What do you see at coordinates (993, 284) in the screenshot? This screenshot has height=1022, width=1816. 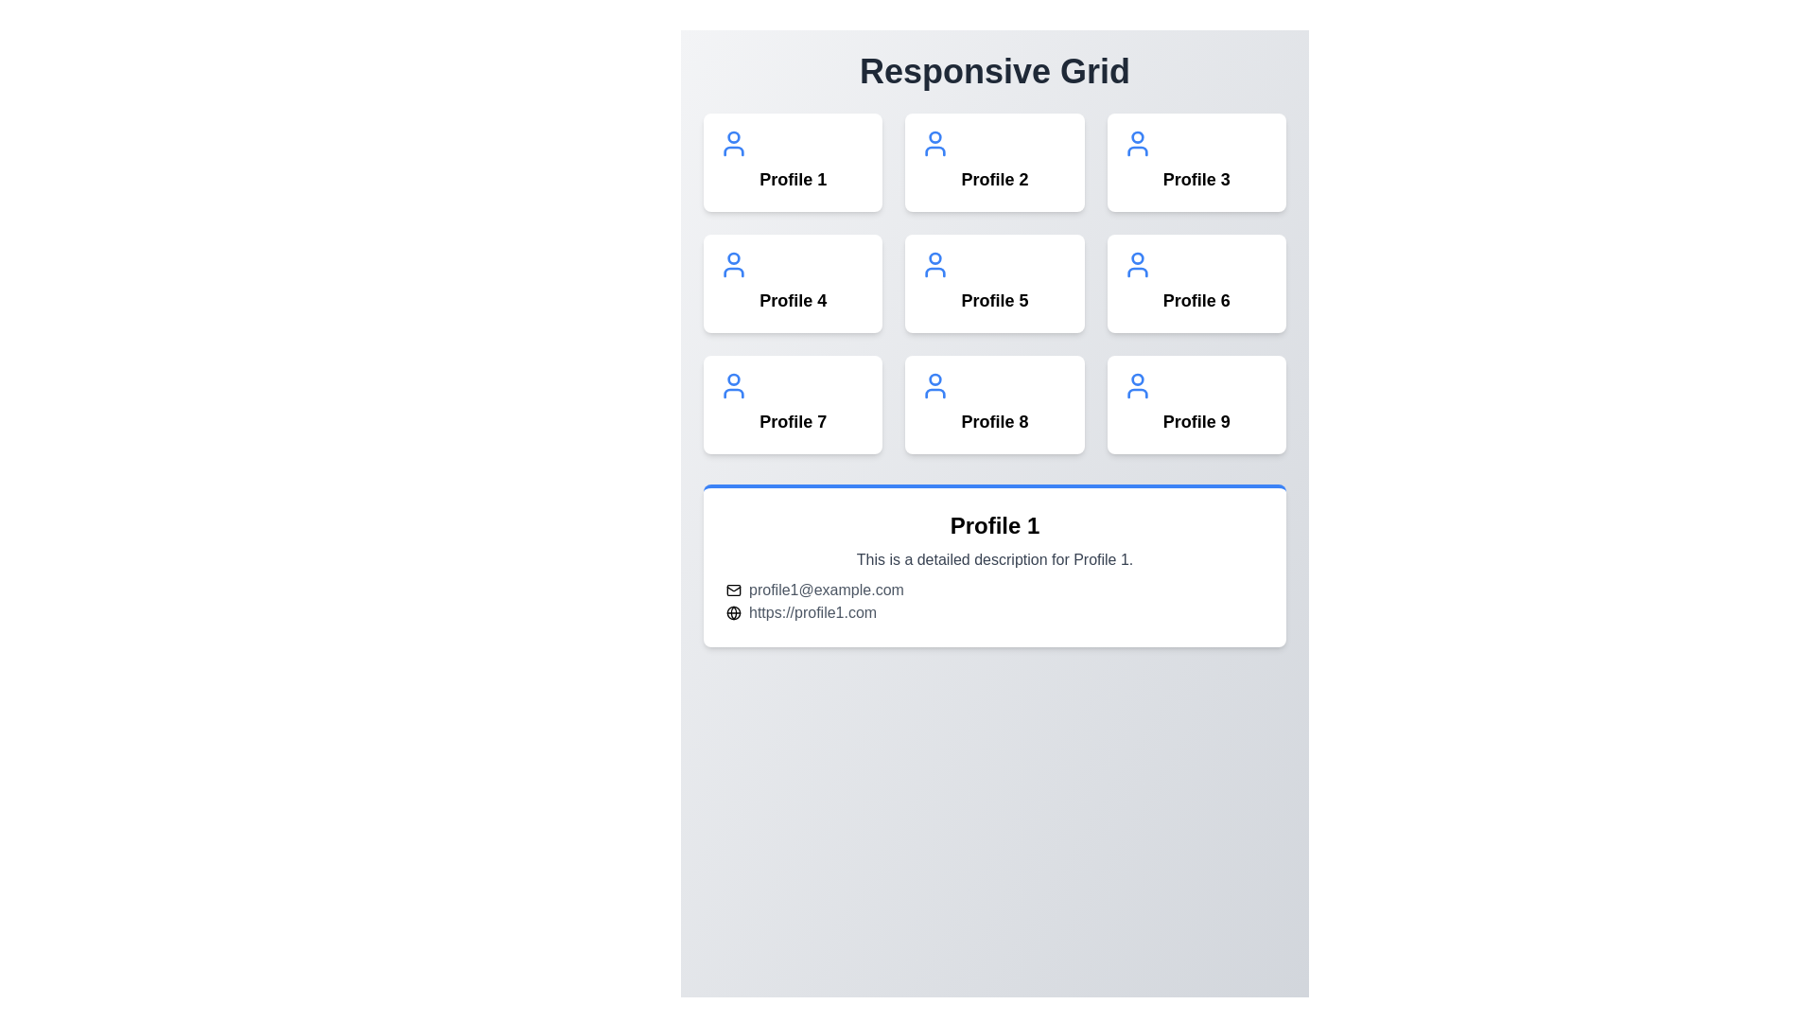 I see `the interactive profile card located` at bounding box center [993, 284].